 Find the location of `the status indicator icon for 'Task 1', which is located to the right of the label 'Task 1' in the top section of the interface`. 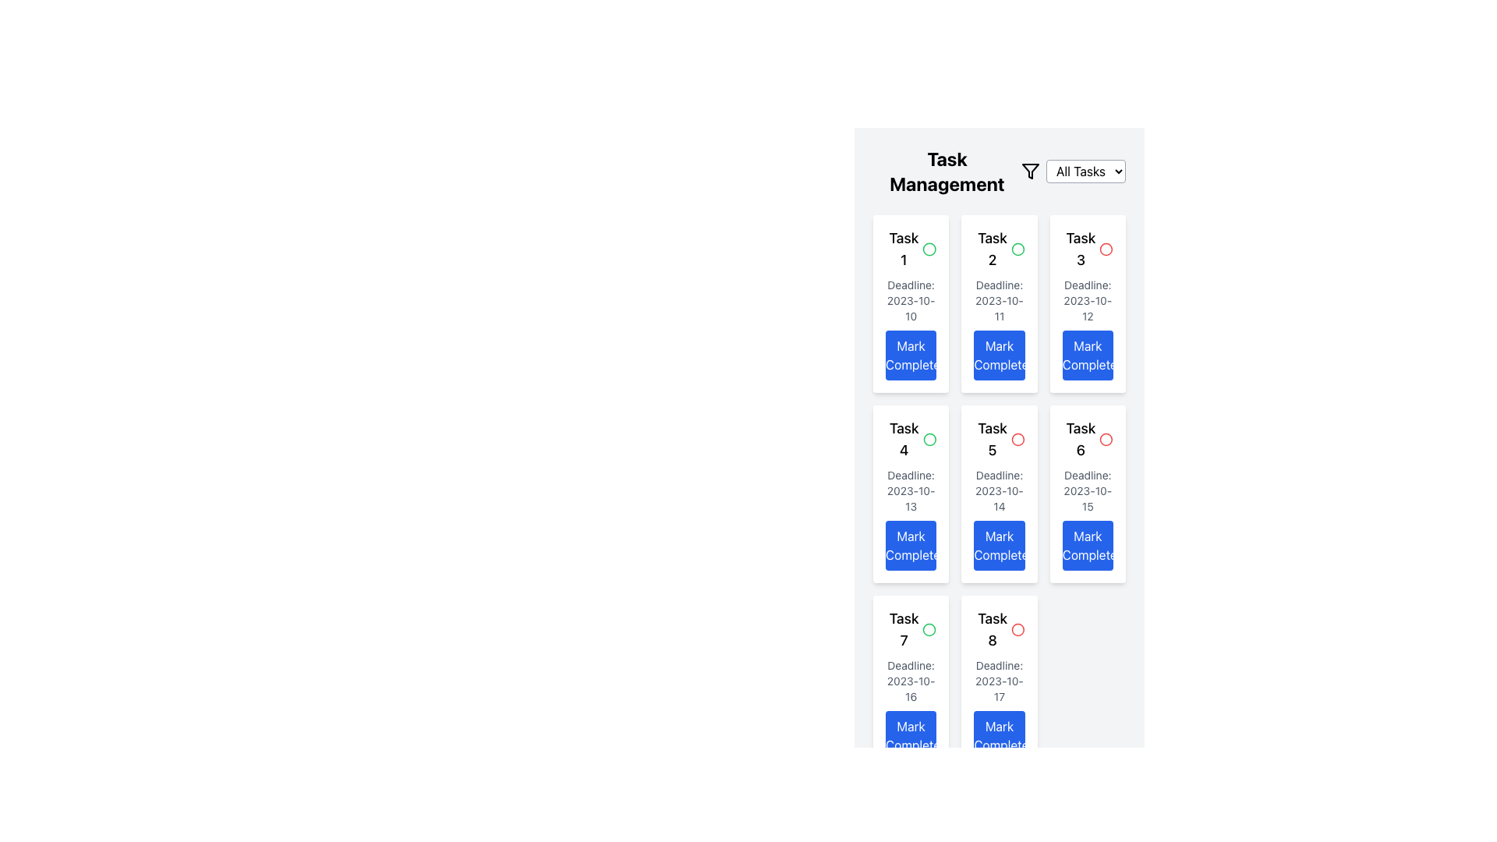

the status indicator icon for 'Task 1', which is located to the right of the label 'Task 1' in the top section of the interface is located at coordinates (929, 249).